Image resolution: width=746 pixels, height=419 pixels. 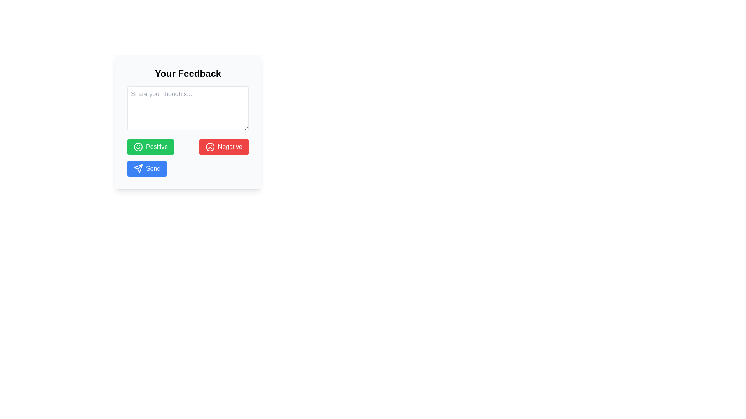 What do you see at coordinates (138, 147) in the screenshot?
I see `the smiley icon located within the green 'Positive' button, which features a minimalist outline style with a green color scheme` at bounding box center [138, 147].